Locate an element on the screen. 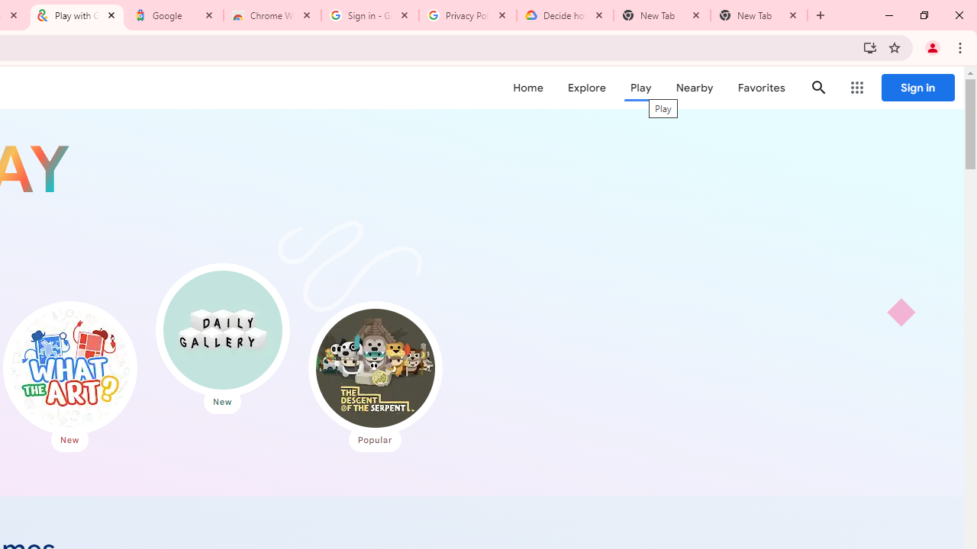 The height and width of the screenshot is (549, 977). 'New Tab' is located at coordinates (759, 15).